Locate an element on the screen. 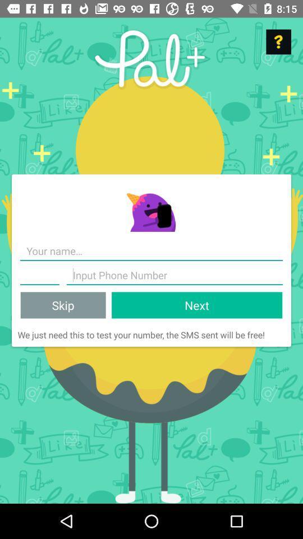 The image size is (303, 539). type your phone number is located at coordinates (175, 275).